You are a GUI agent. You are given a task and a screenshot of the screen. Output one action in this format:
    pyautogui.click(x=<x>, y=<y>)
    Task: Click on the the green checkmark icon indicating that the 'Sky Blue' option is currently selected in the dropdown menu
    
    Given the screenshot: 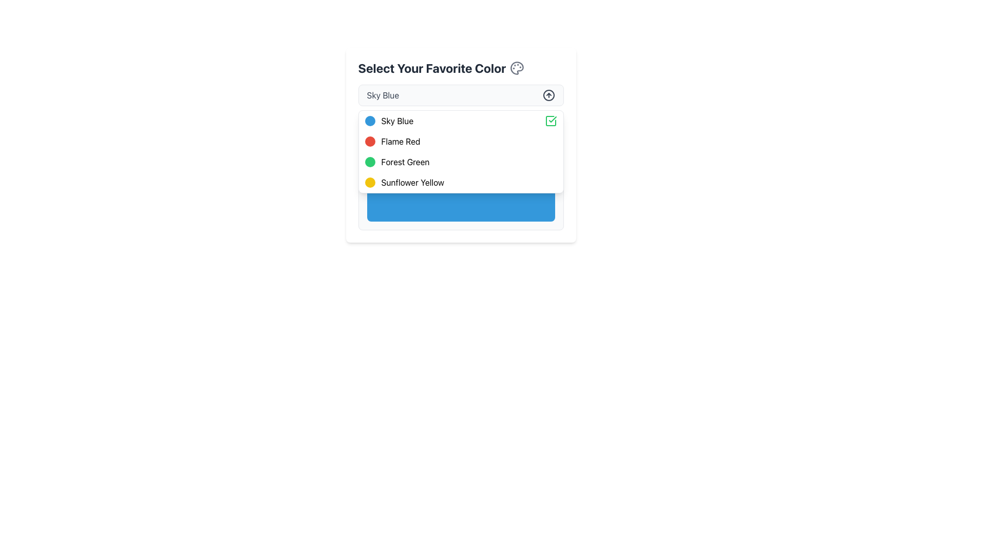 What is the action you would take?
    pyautogui.click(x=550, y=120)
    